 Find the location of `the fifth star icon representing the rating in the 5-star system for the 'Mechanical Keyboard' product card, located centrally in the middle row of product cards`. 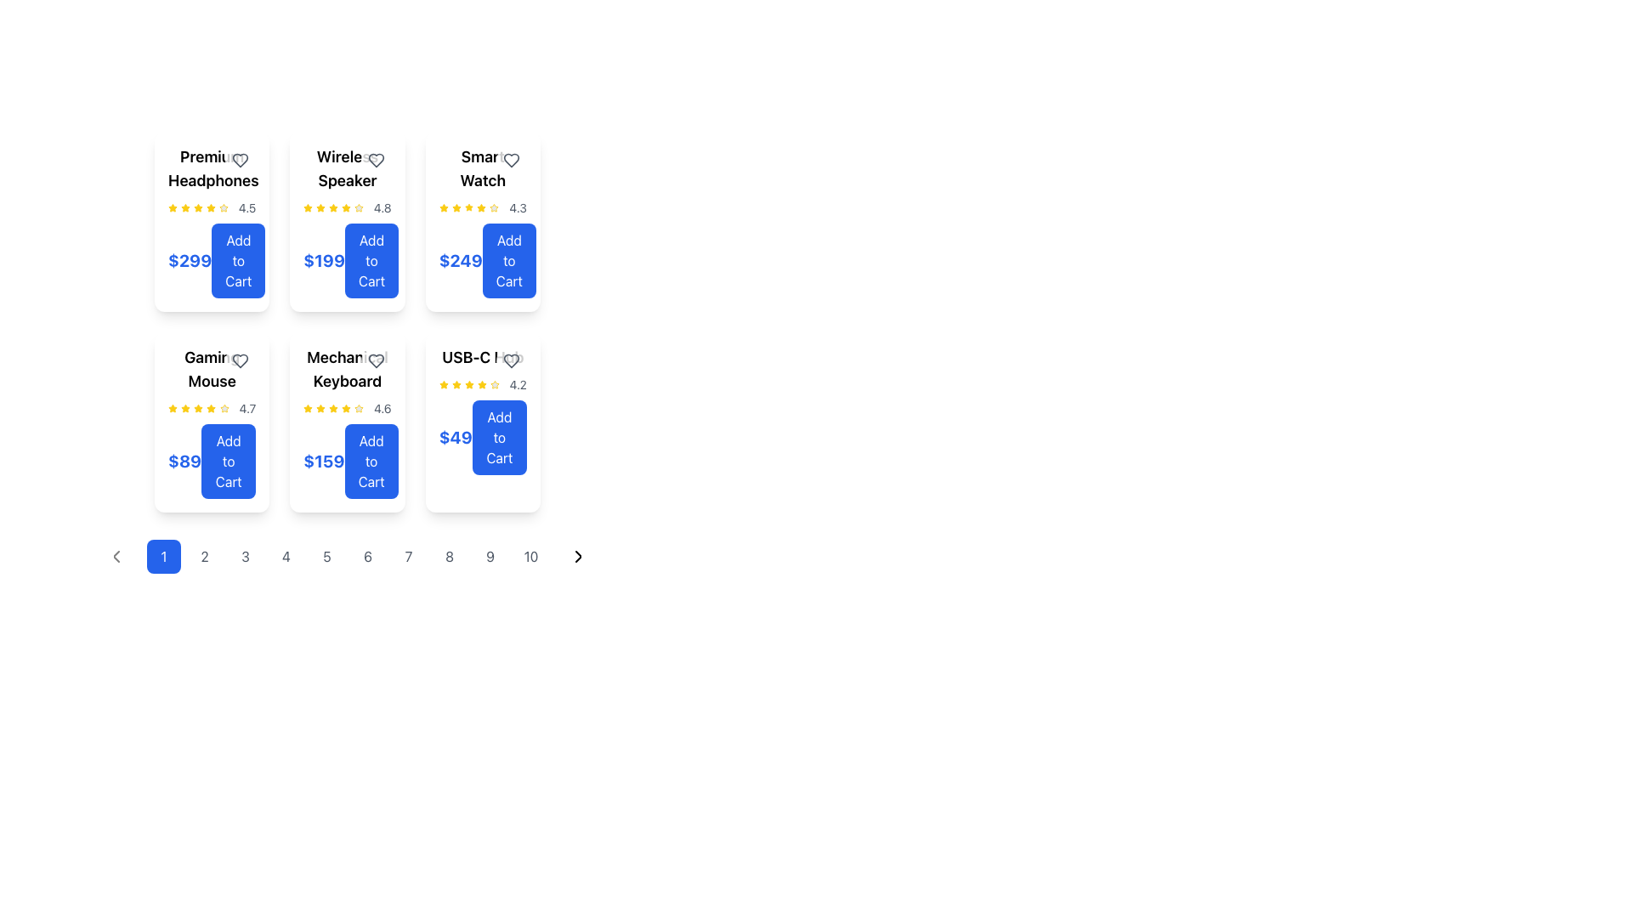

the fifth star icon representing the rating in the 5-star system for the 'Mechanical Keyboard' product card, located centrally in the middle row of product cards is located at coordinates (333, 409).